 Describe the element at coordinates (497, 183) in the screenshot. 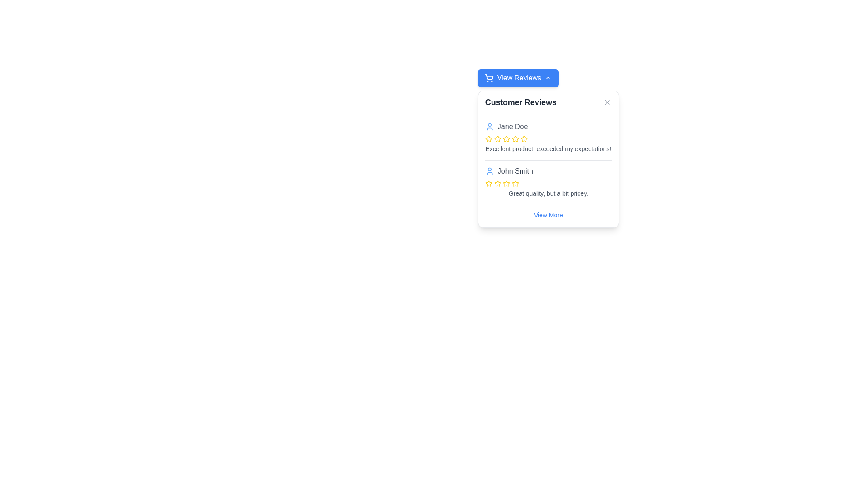

I see `the second star icon in the review section for user 'John Smith' in the 'Customer Reviews' section` at that location.